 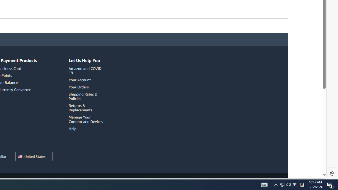 I want to click on 'Returns & Replacements', so click(x=87, y=107).